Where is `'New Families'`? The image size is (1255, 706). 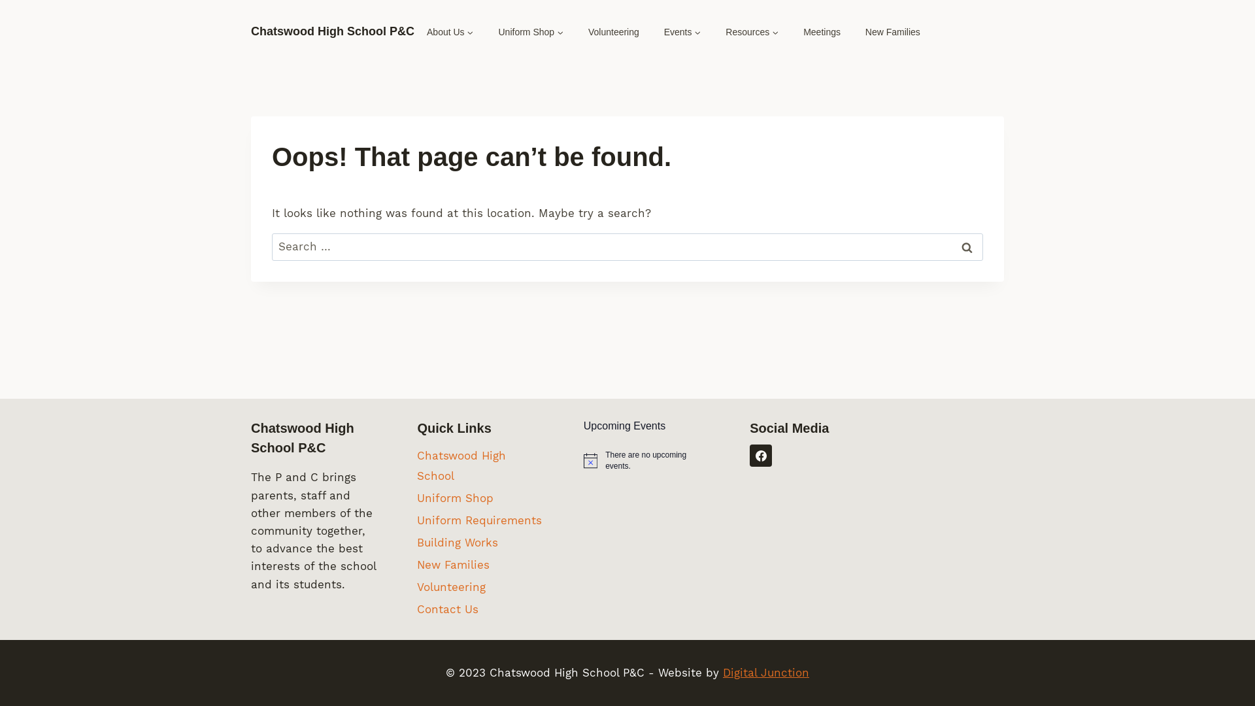
'New Families' is located at coordinates (479, 564).